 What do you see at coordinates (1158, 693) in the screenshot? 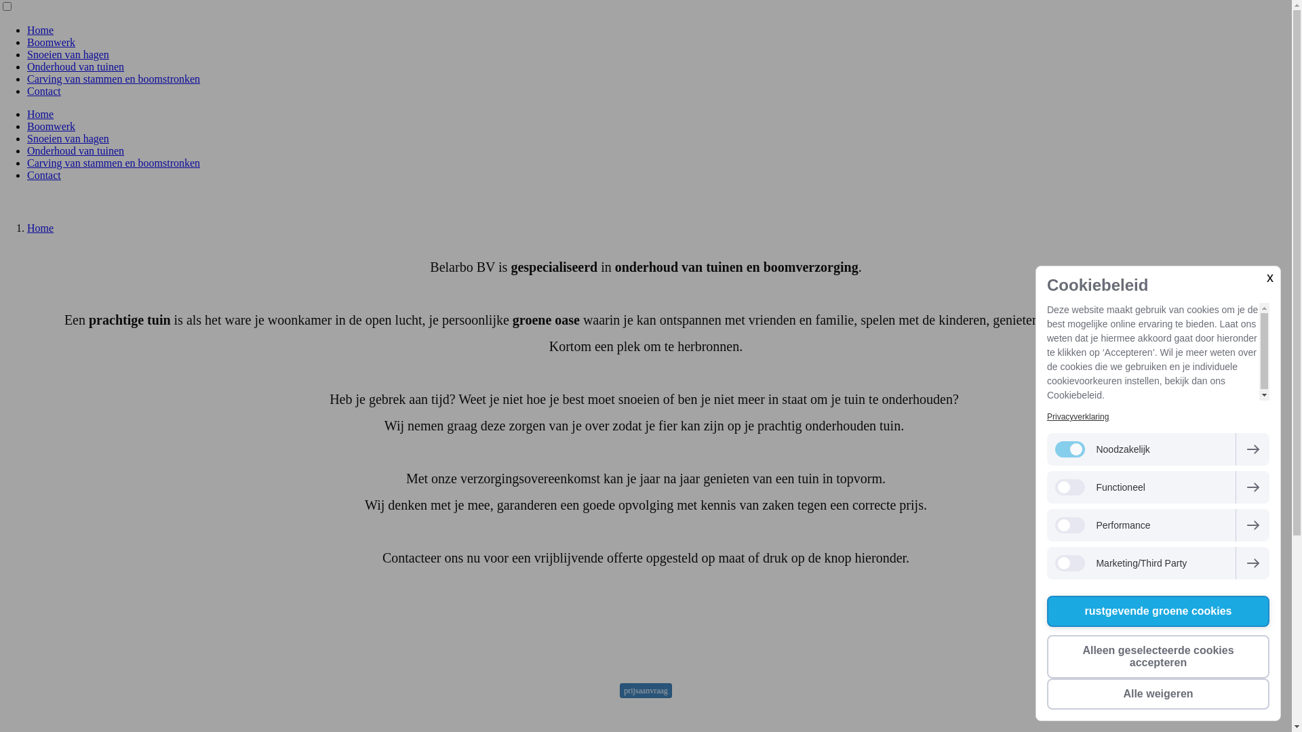
I see `'Alle weigeren'` at bounding box center [1158, 693].